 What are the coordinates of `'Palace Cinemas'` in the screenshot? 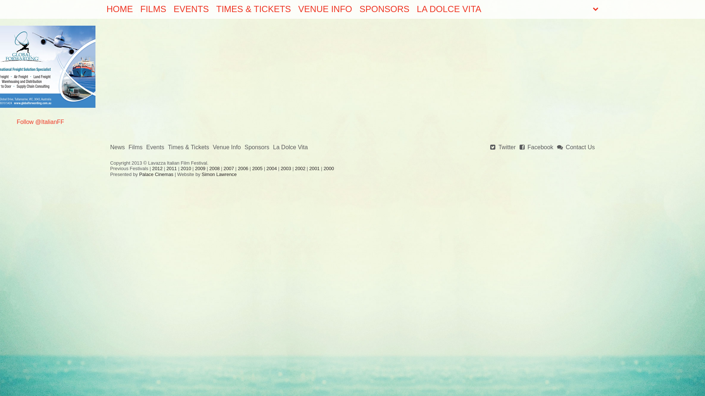 It's located at (156, 174).